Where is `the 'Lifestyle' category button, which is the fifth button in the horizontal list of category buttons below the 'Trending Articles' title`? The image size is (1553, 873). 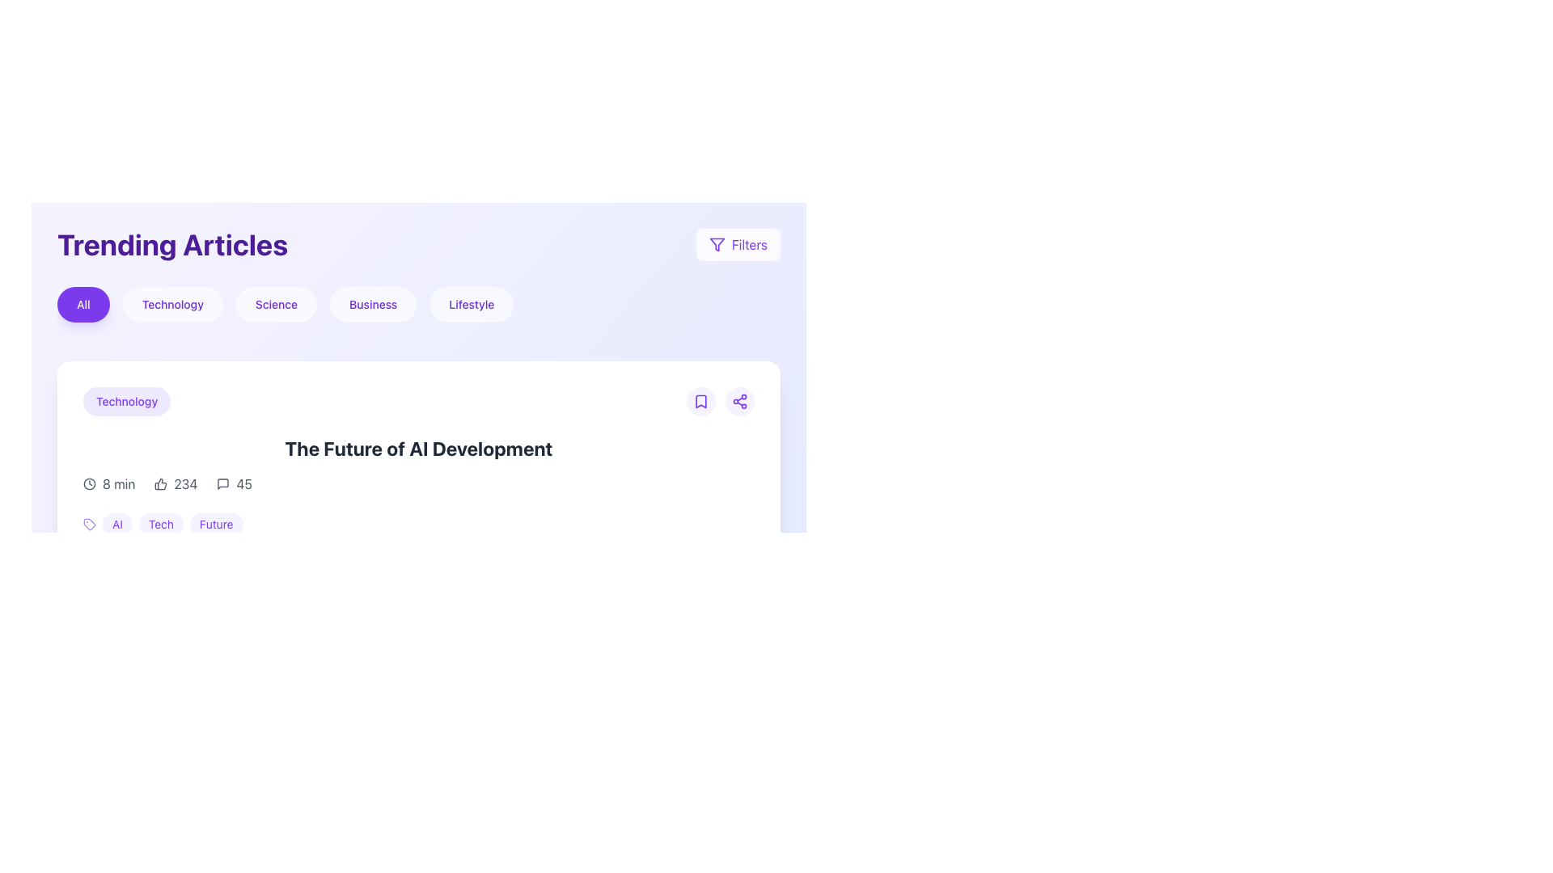 the 'Lifestyle' category button, which is the fifth button in the horizontal list of category buttons below the 'Trending Articles' title is located at coordinates (471, 305).